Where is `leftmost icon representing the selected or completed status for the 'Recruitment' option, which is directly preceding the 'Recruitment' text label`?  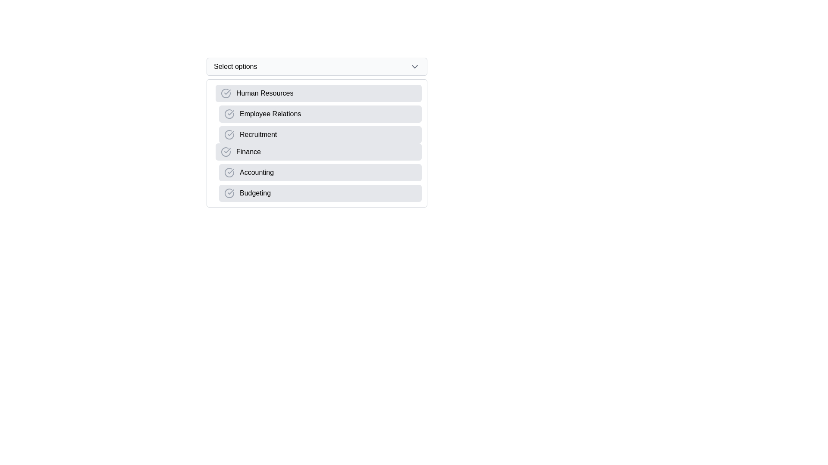 leftmost icon representing the selected or completed status for the 'Recruitment' option, which is directly preceding the 'Recruitment' text label is located at coordinates (229, 134).